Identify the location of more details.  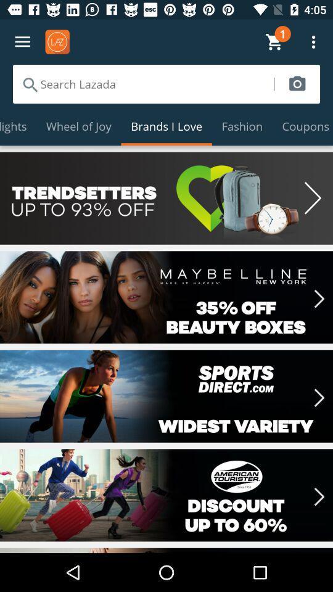
(166, 395).